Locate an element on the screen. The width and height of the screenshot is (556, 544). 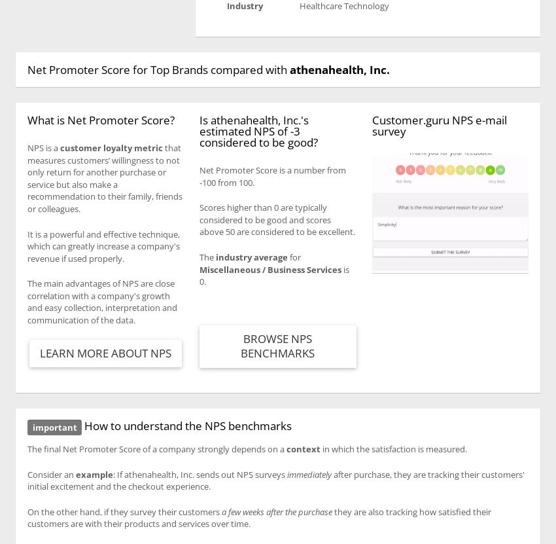
'example' is located at coordinates (94, 473).